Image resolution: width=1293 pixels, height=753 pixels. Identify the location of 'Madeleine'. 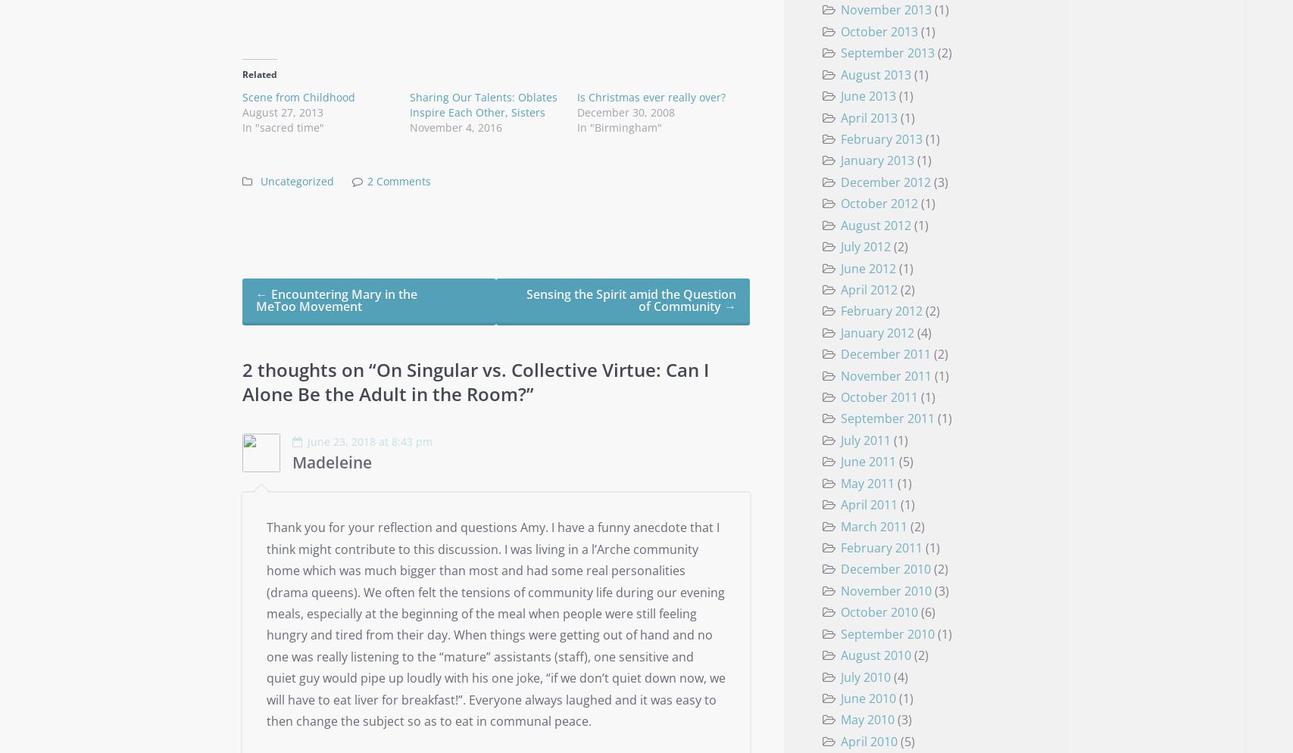
(332, 460).